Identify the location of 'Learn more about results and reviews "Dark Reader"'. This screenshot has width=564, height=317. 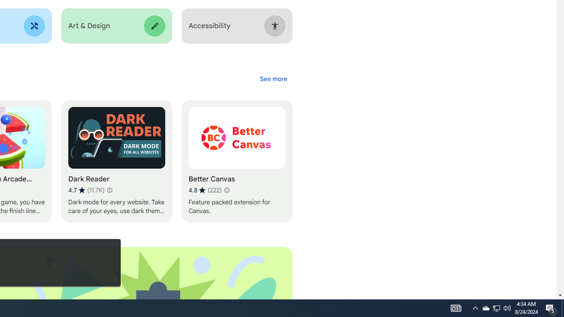
(108, 190).